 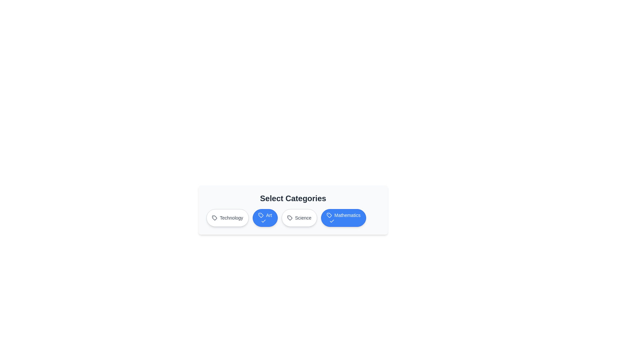 I want to click on the category button labeled 'Technology', so click(x=227, y=218).